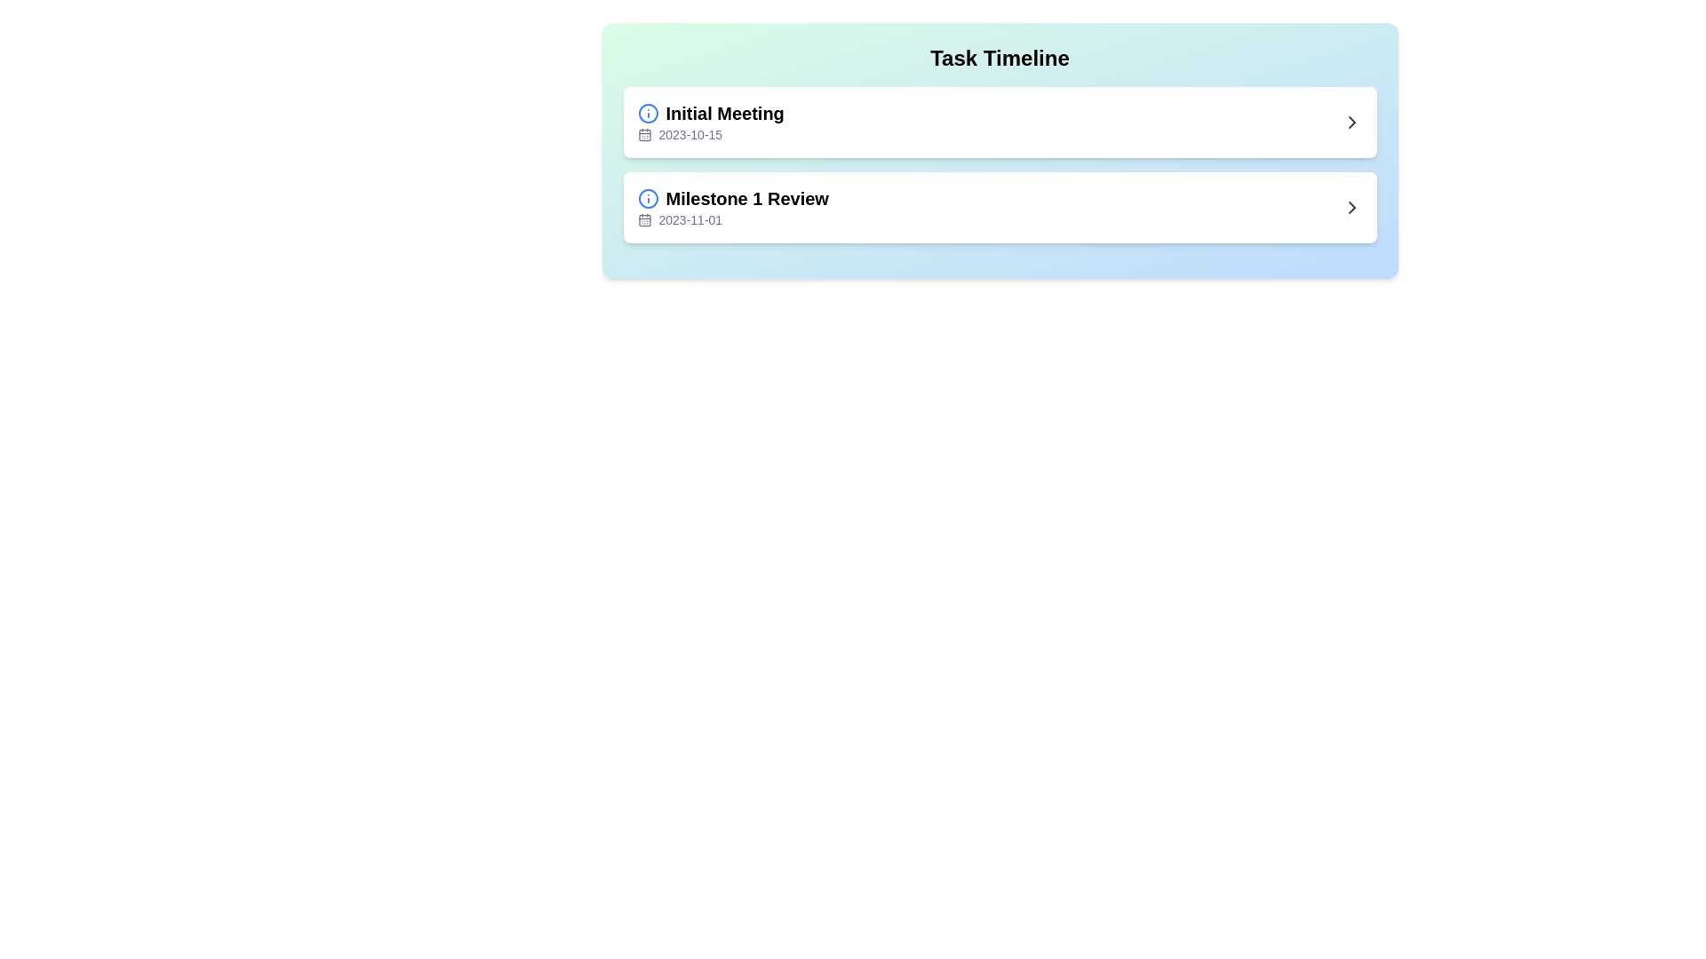  Describe the element at coordinates (643, 219) in the screenshot. I see `the graphical calendar icon next to the 'Milestone 1 Review' label and the date '2023-11-01' in the timeline list` at that location.